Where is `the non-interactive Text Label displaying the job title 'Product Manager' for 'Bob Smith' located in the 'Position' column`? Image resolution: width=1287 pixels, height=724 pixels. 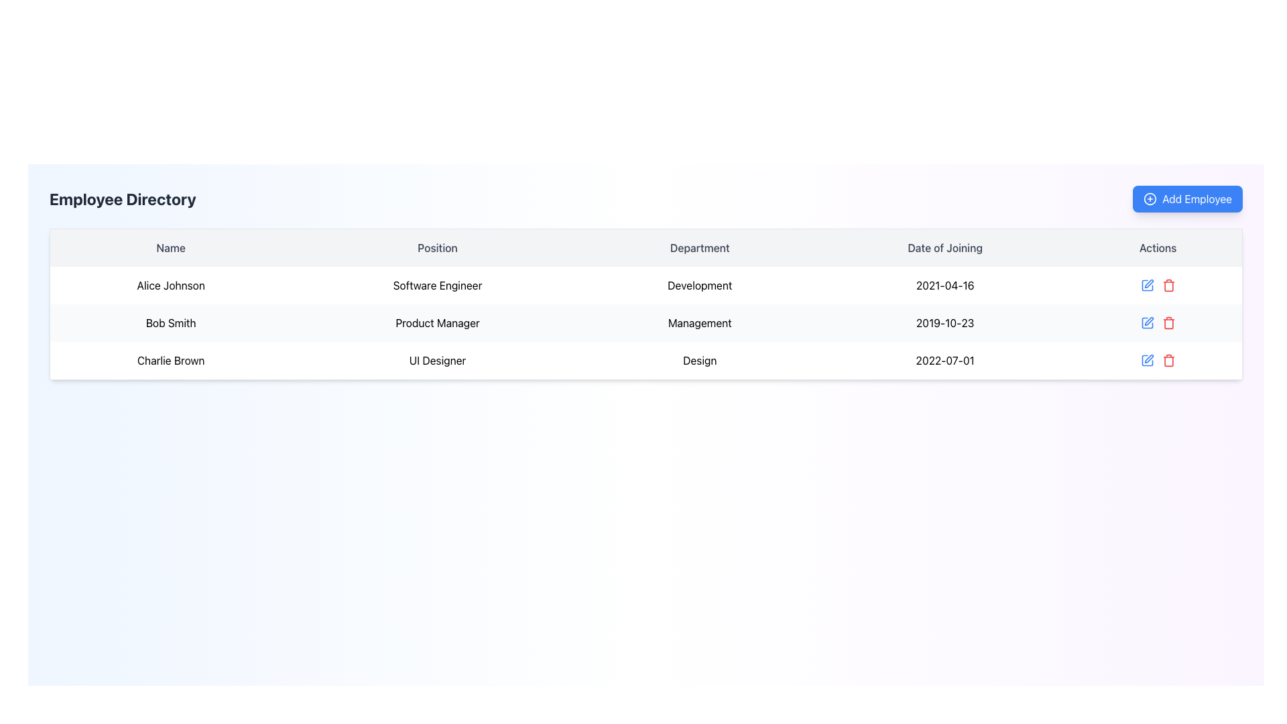 the non-interactive Text Label displaying the job title 'Product Manager' for 'Bob Smith' located in the 'Position' column is located at coordinates (437, 323).